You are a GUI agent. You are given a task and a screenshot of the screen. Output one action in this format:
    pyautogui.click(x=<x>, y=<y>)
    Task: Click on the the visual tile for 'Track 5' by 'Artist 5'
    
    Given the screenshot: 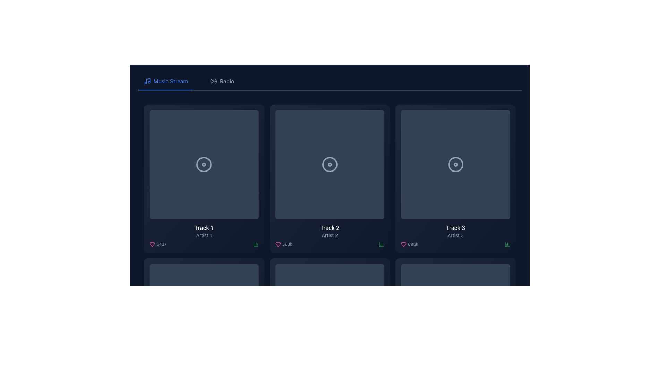 What is the action you would take?
    pyautogui.click(x=329, y=318)
    